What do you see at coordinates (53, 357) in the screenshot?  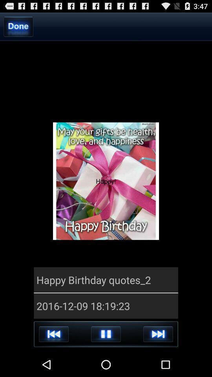 I see `the av_rewind icon` at bounding box center [53, 357].